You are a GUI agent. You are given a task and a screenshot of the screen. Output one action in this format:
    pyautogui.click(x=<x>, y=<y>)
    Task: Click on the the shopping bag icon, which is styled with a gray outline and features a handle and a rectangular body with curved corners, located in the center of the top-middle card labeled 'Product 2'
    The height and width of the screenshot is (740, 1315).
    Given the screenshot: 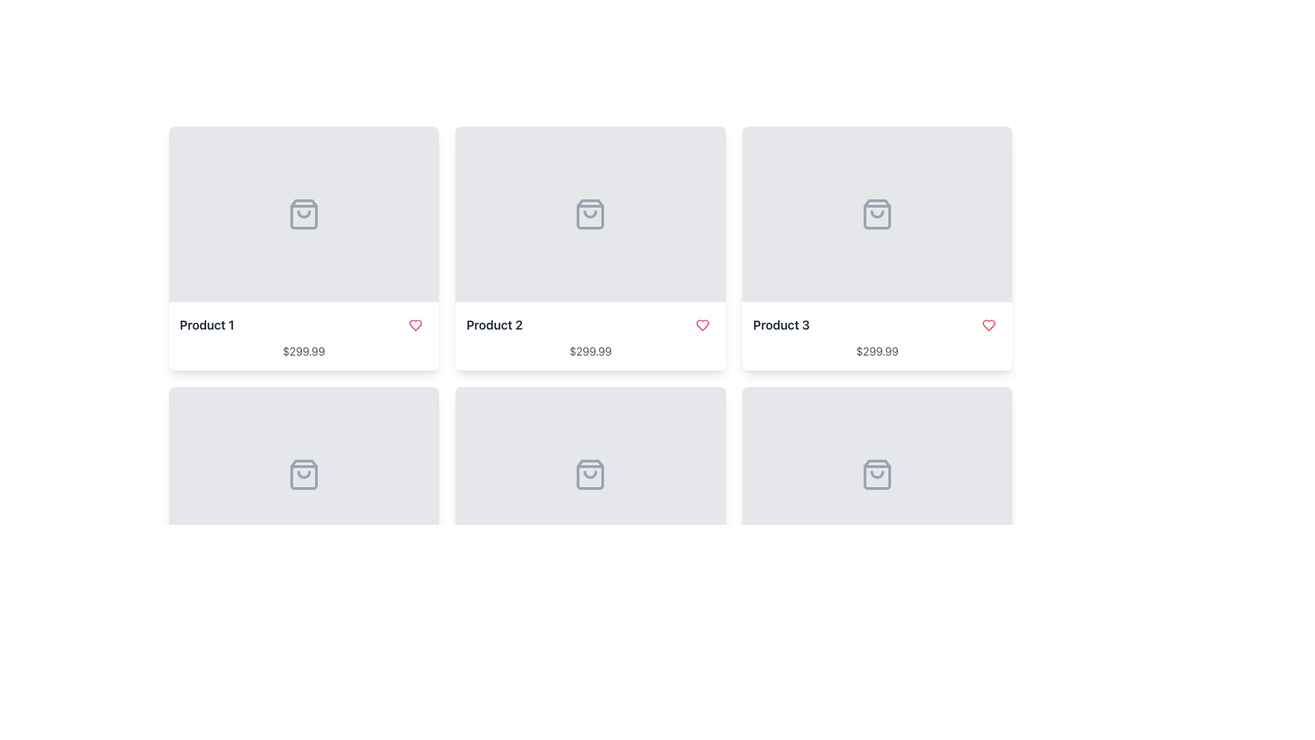 What is the action you would take?
    pyautogui.click(x=590, y=214)
    